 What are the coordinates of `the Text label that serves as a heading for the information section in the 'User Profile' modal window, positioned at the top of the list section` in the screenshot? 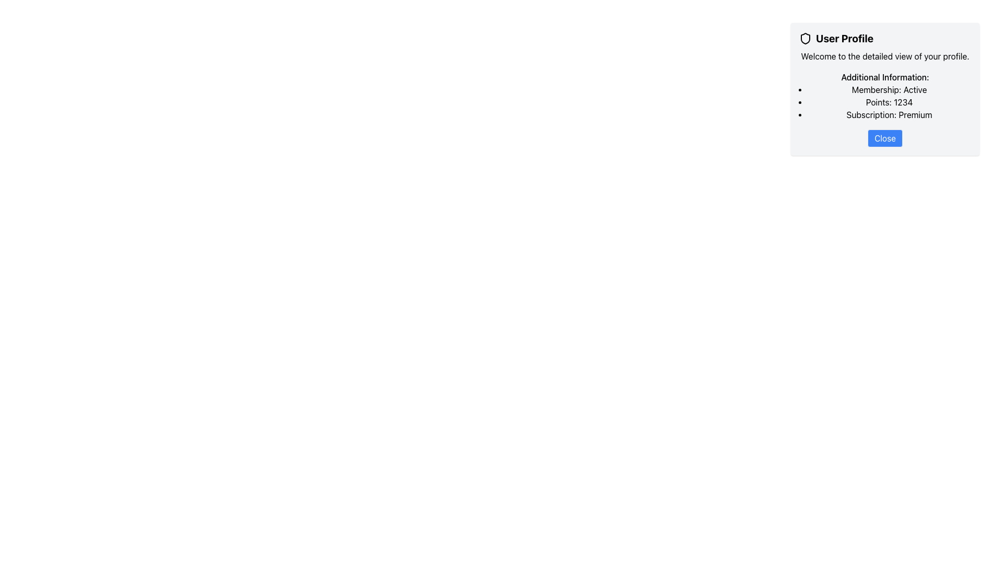 It's located at (884, 76).